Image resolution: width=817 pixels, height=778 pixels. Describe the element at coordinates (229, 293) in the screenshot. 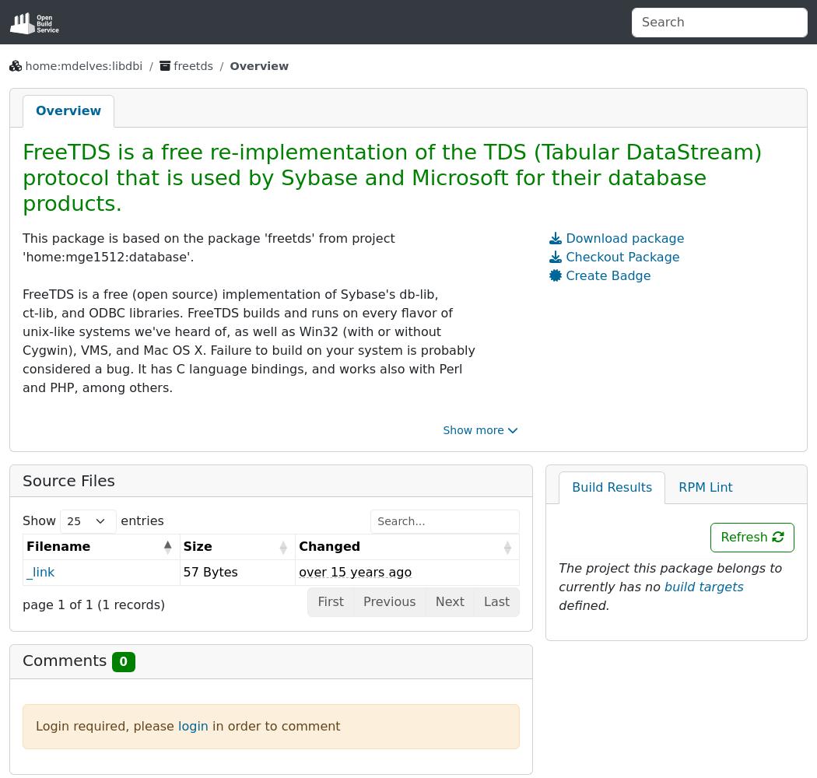

I see `'FreeTDS is a free (open source) implementation of Sybase's db-lib,'` at that location.